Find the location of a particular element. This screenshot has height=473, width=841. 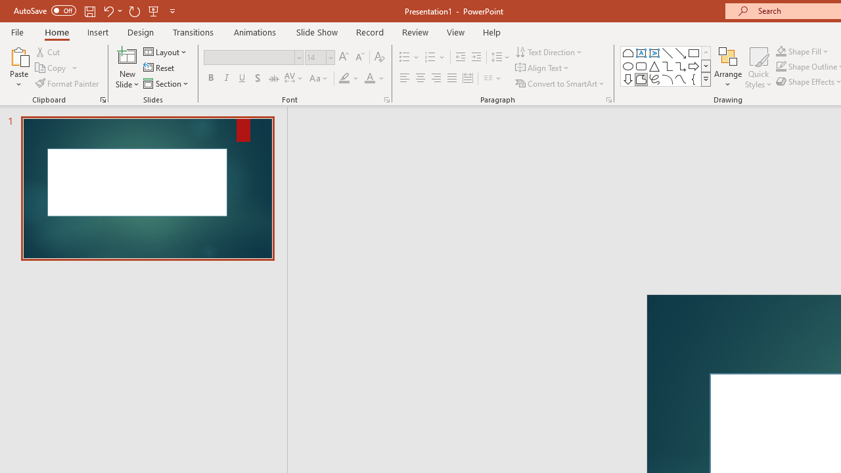

'Arc' is located at coordinates (668, 79).